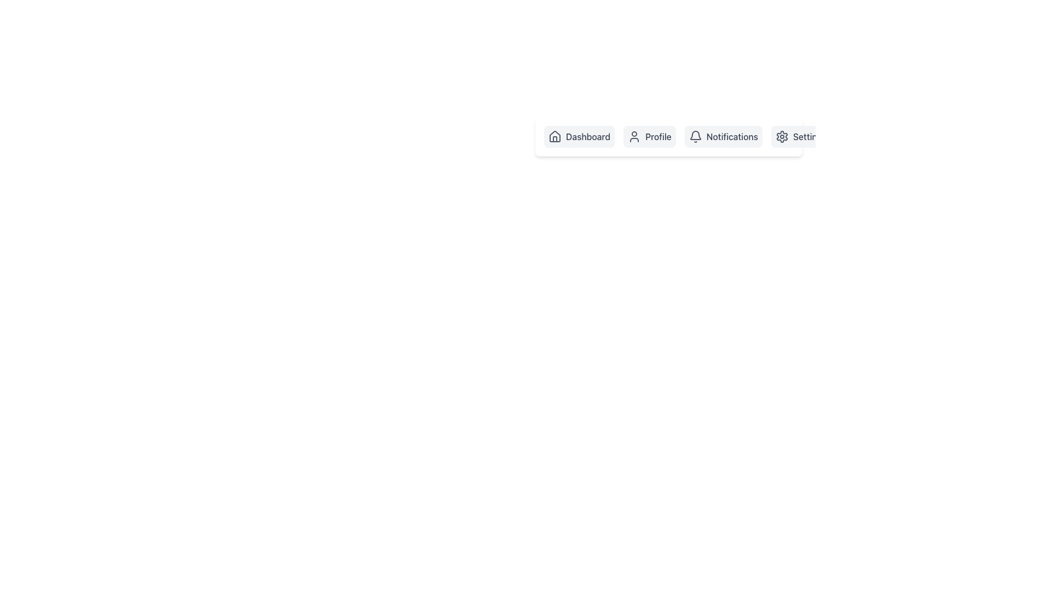  I want to click on the 'Settings' button in the horizontal navigation bar, so click(801, 136).